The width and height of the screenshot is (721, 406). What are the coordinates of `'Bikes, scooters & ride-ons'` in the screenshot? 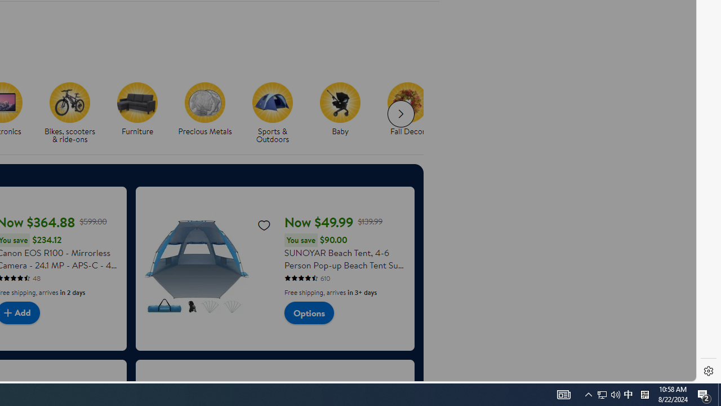 It's located at (73, 113).